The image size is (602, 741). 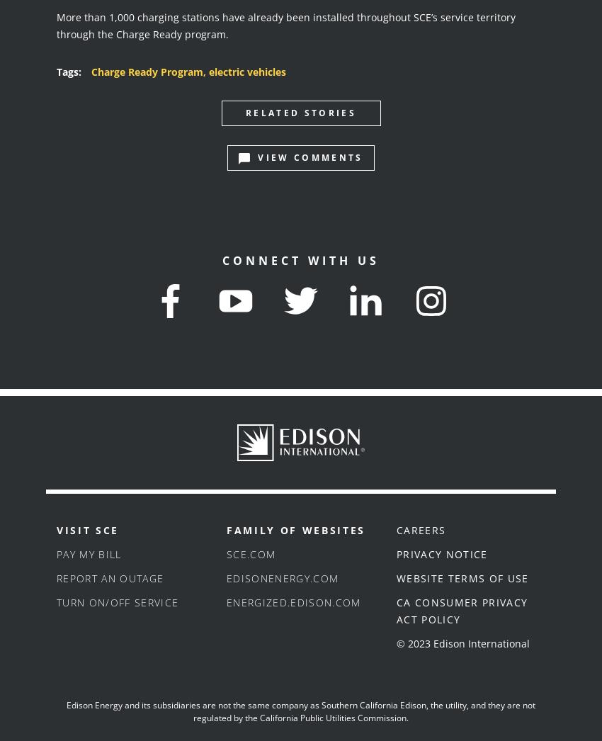 I want to click on 'More than 1,000 charging stations have already been installed throughout SCE’s service territory through the Charge Ready program.', so click(x=286, y=24).